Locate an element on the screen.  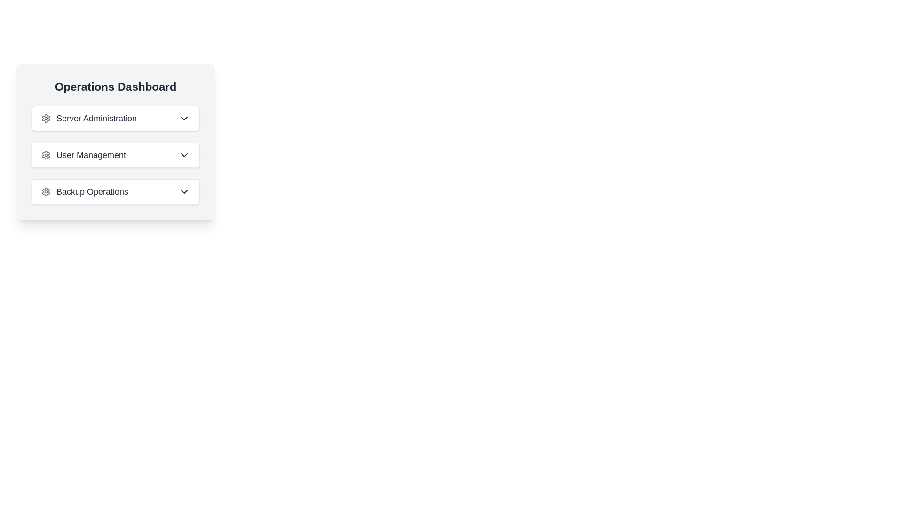
the action item Server Administration to reveal additional information is located at coordinates (115, 118).